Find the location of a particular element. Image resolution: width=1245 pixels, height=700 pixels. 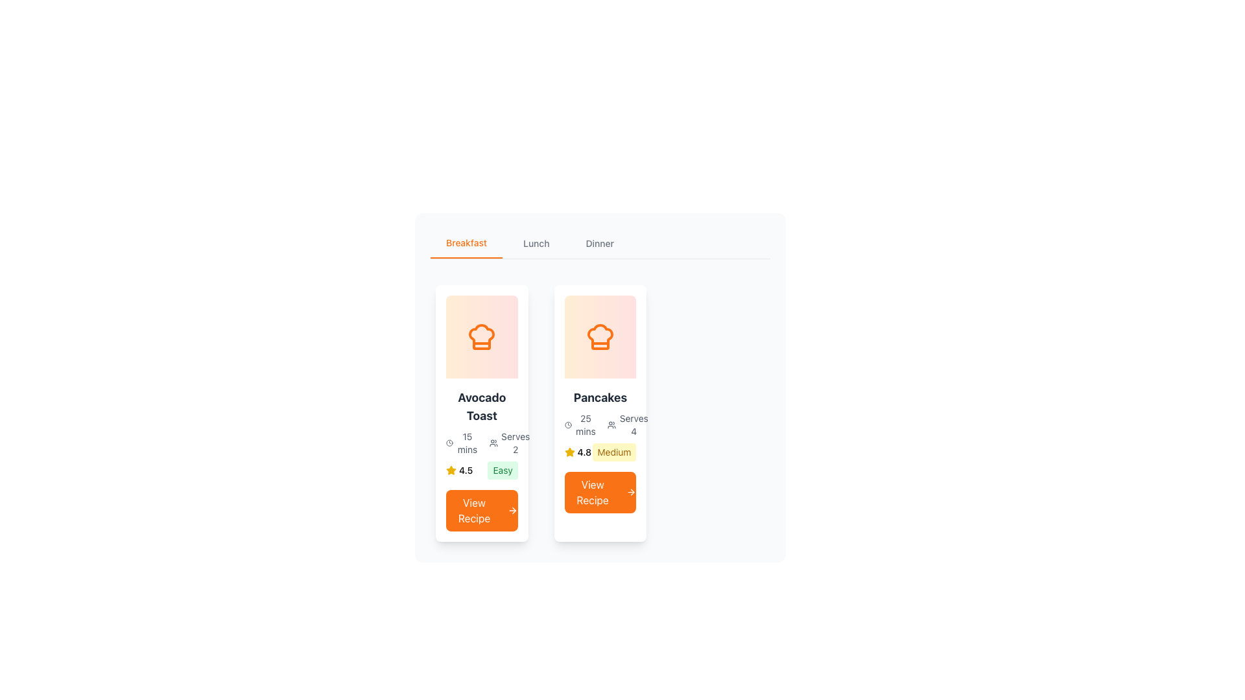

the small, rounded rectangle label displaying the text 'Easy' in green, located at the bottom-left of the 'Avocado Toast' recipe card, adjacent to the star rating and above the 'View Recipe' button is located at coordinates (502, 470).